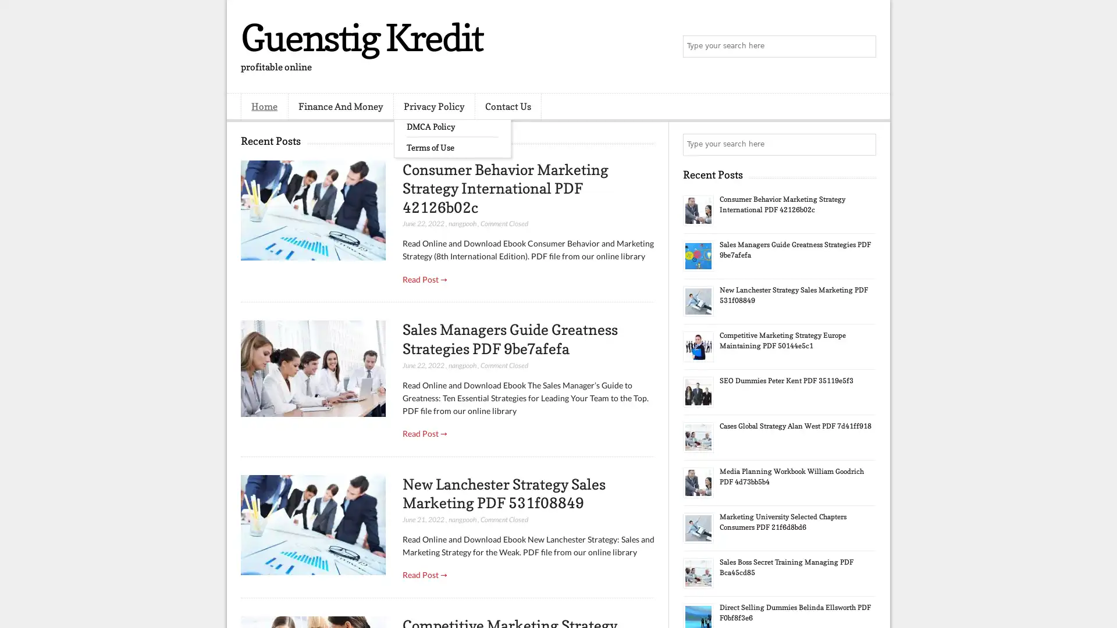 This screenshot has width=1117, height=628. Describe the element at coordinates (864, 144) in the screenshot. I see `Search` at that location.